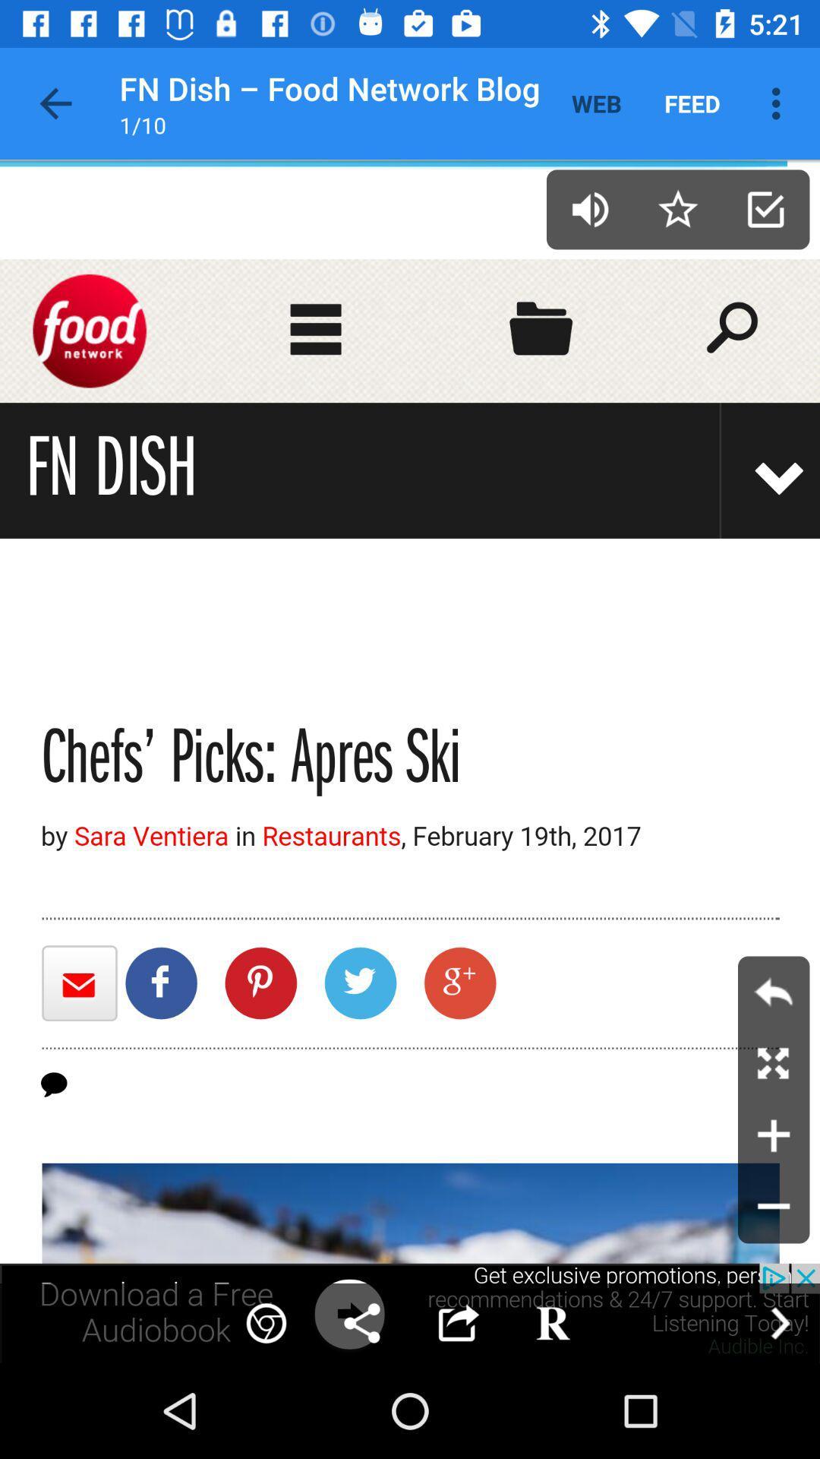 The width and height of the screenshot is (820, 1459). Describe the element at coordinates (589, 208) in the screenshot. I see `the volume icon` at that location.